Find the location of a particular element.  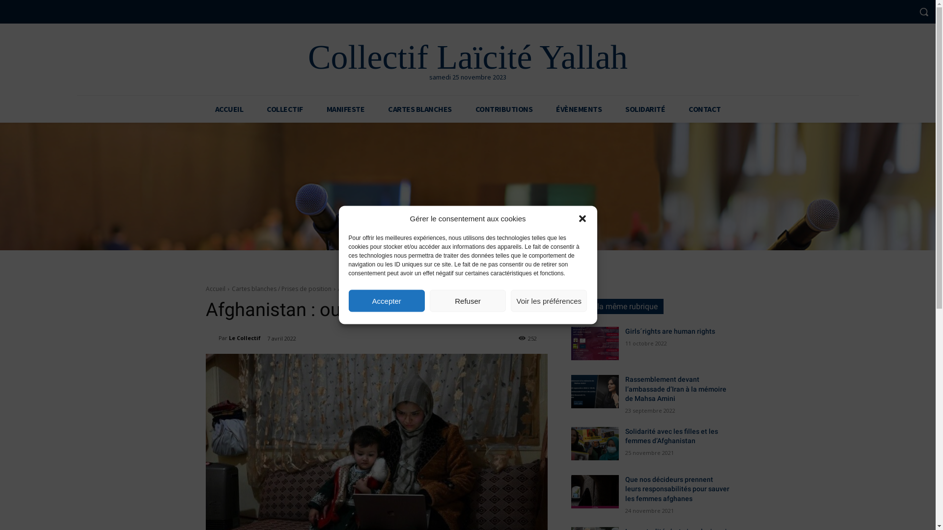

'Accepter' is located at coordinates (386, 300).